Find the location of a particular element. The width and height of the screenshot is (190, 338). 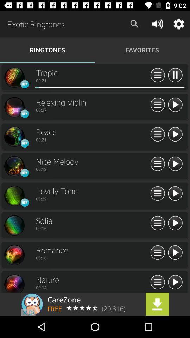

bottom of relaxing violin is located at coordinates (92, 110).